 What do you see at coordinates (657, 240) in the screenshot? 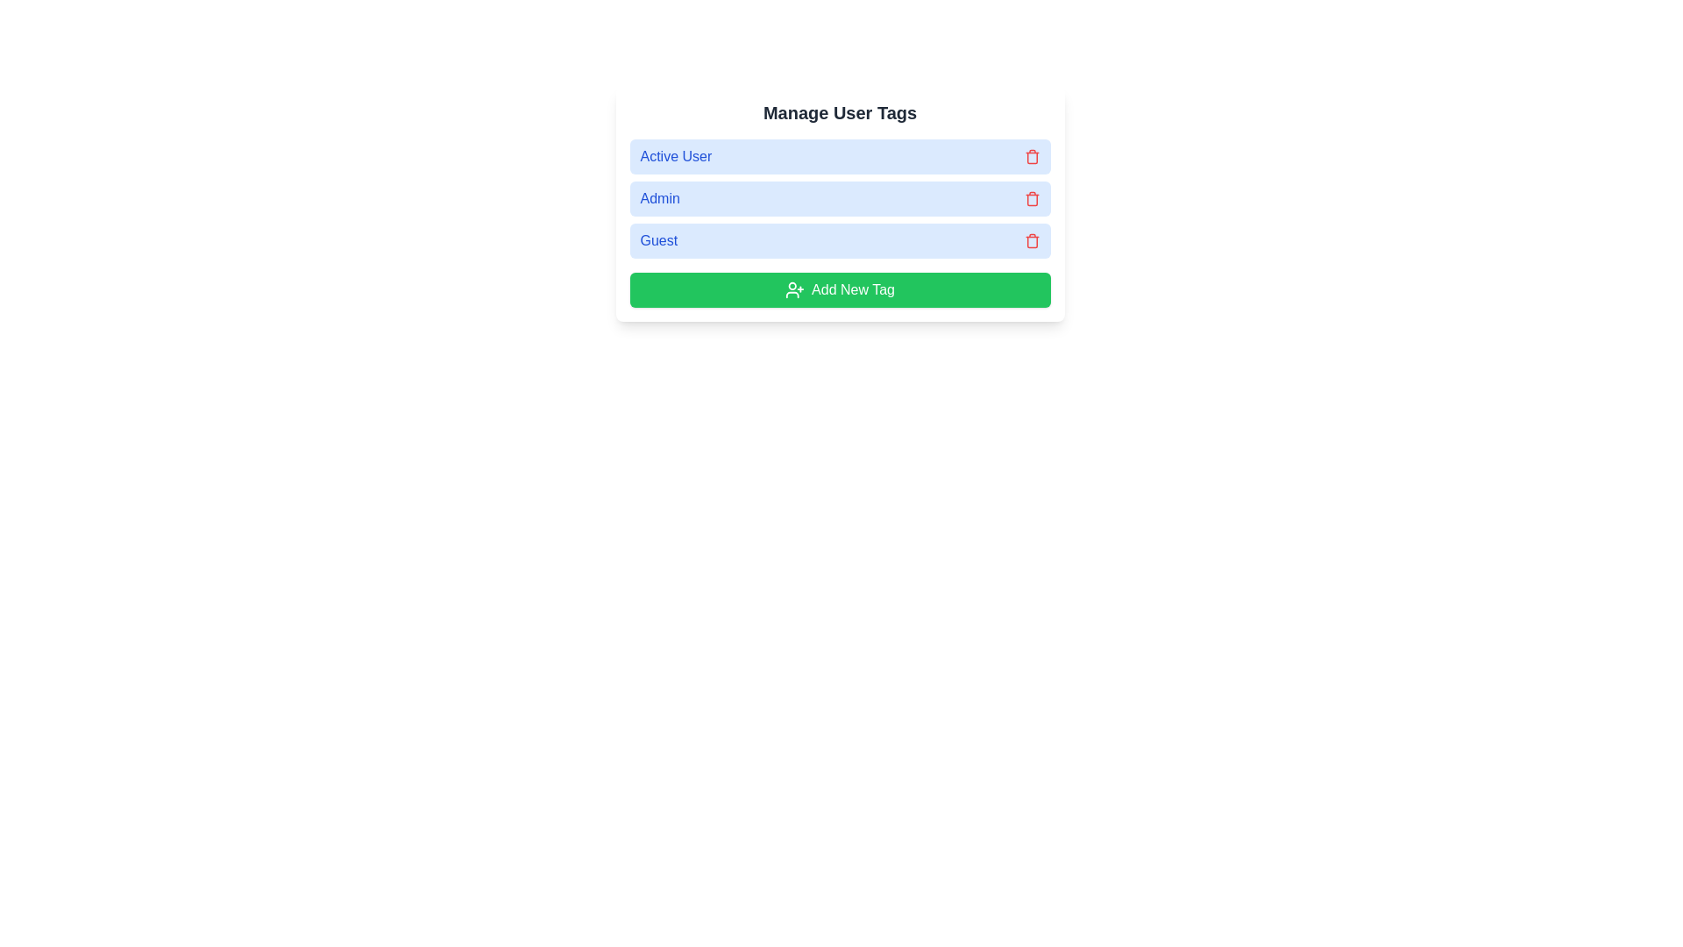
I see `text label displaying 'Guest' styled in bold blue text, which indicates a category or tag name under 'Manage User Tags'` at bounding box center [657, 240].